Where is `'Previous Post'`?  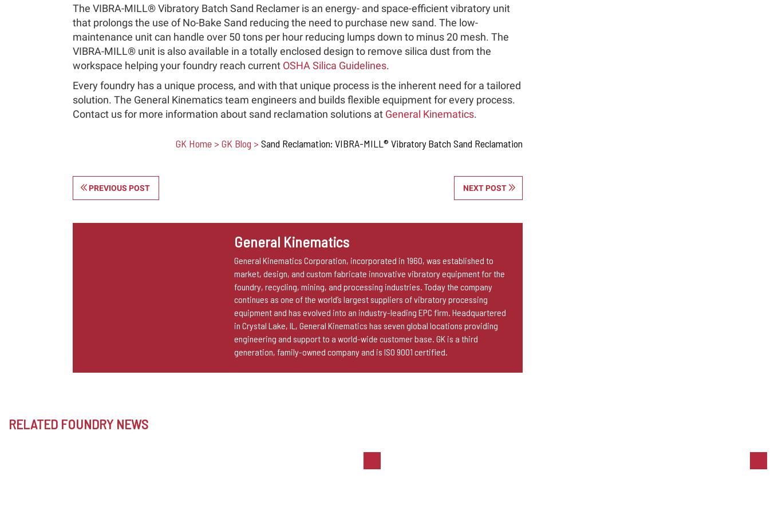 'Previous Post' is located at coordinates (118, 186).